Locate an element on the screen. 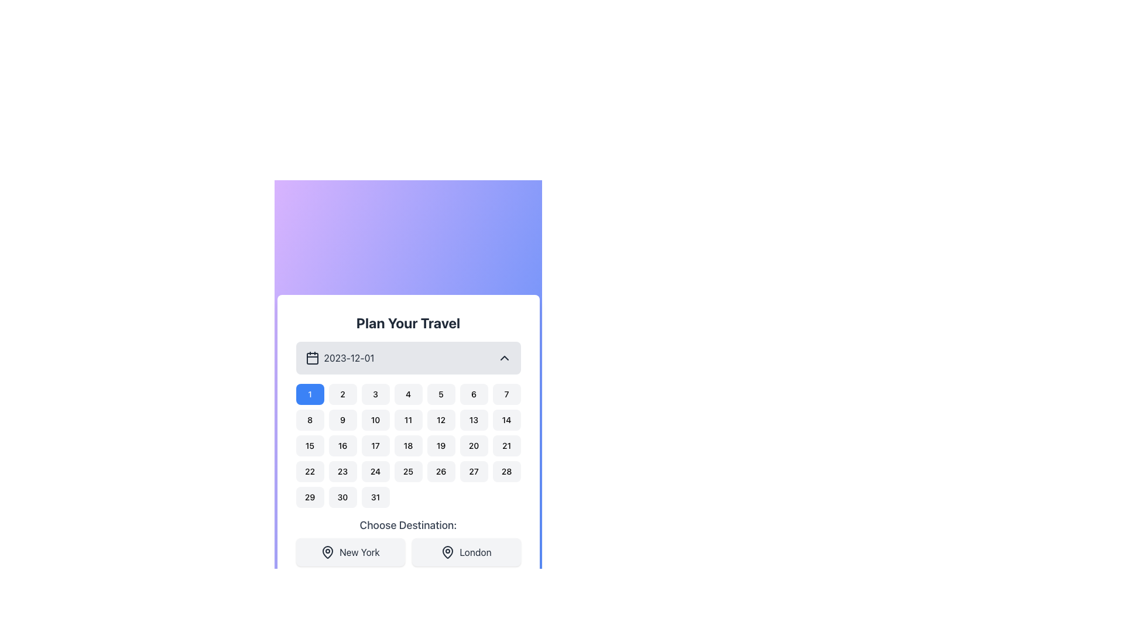  the selectable date button for the 14th day of the month in the calendar interface to change its background color is located at coordinates (506, 419).